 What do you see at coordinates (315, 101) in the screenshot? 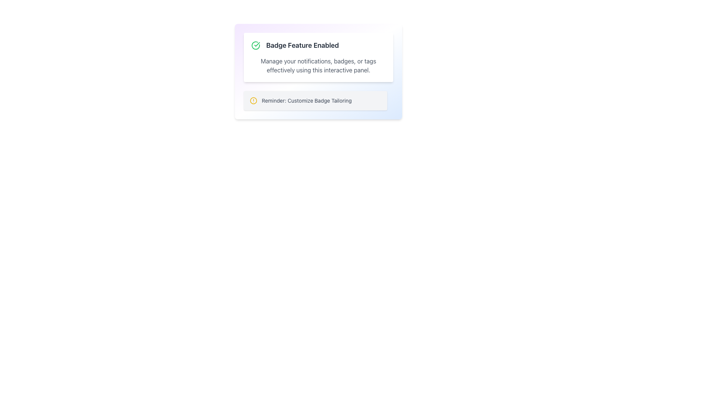
I see `the Notification bar element which has a gray background, rounded corners, and contains a yellow alert icon with the text 'Reminder: Customize Badge Tailoring'` at bounding box center [315, 101].